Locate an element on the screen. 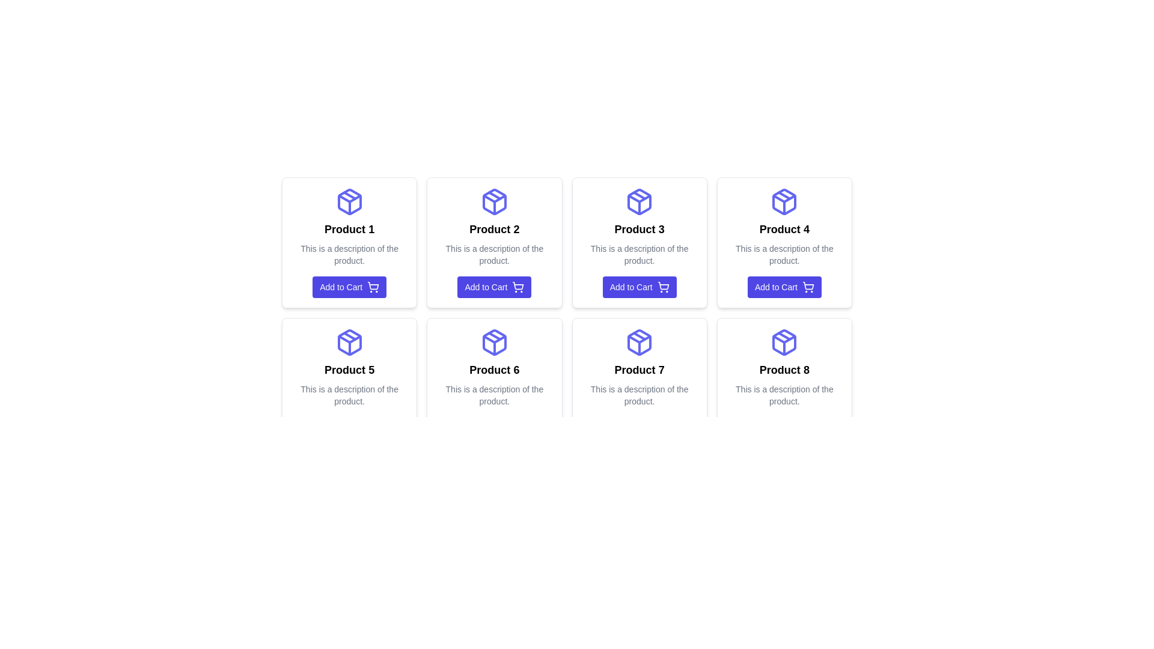  product details from the sixth interactive card in the online store, located in the second row and second column of the grid layout is located at coordinates (494, 383).